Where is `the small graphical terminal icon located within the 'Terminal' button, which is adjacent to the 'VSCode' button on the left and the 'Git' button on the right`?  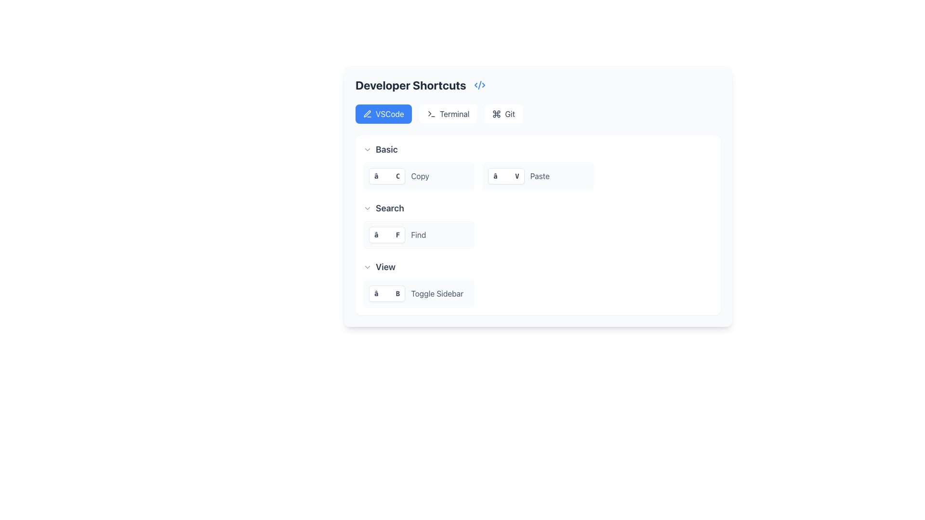
the small graphical terminal icon located within the 'Terminal' button, which is adjacent to the 'VSCode' button on the left and the 'Git' button on the right is located at coordinates (431, 113).